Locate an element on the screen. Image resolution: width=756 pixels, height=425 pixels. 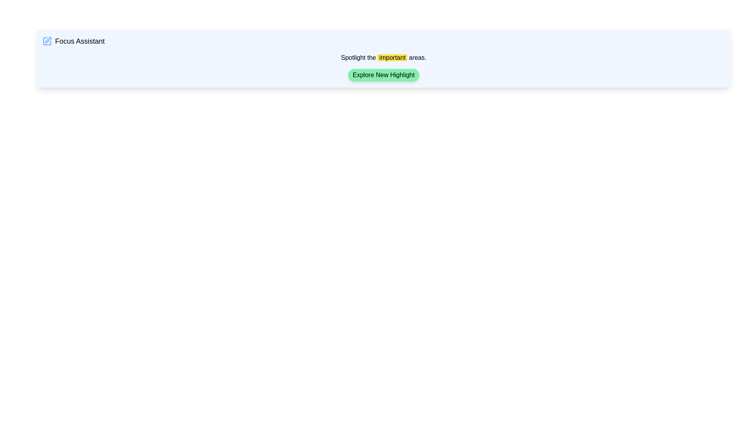
the button located below the text 'Spotlight the important areas.' is located at coordinates (384, 75).